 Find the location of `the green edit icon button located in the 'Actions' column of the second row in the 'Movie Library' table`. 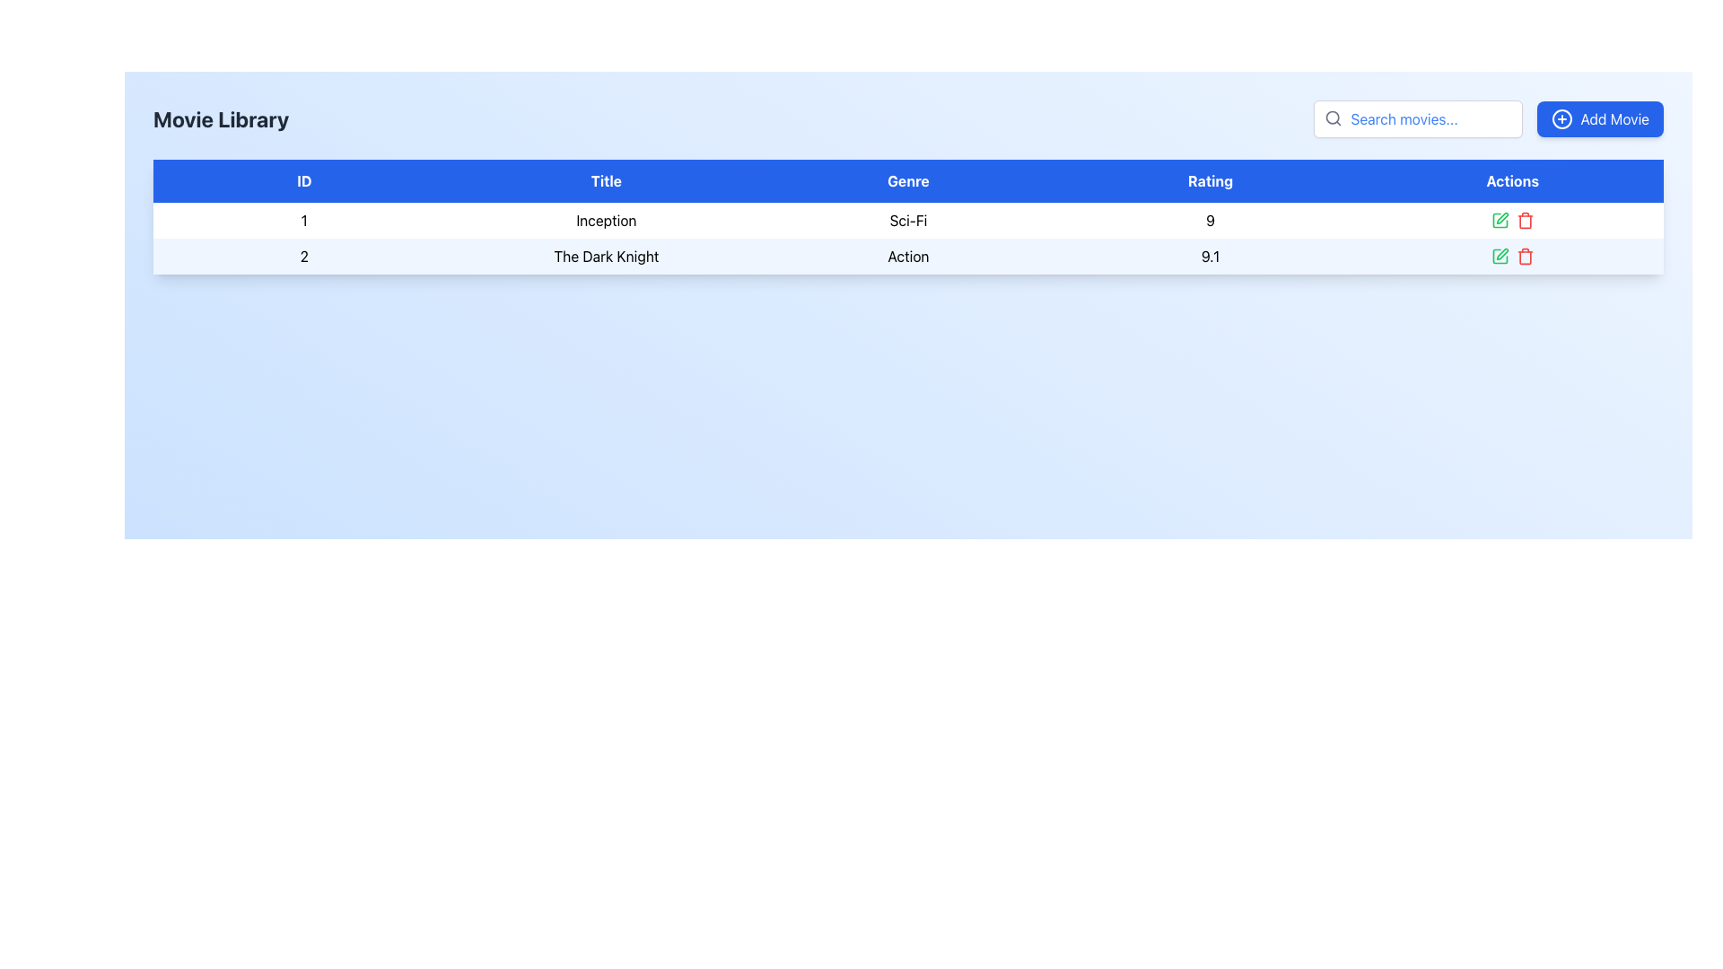

the green edit icon button located in the 'Actions' column of the second row in the 'Movie Library' table is located at coordinates (1502, 253).